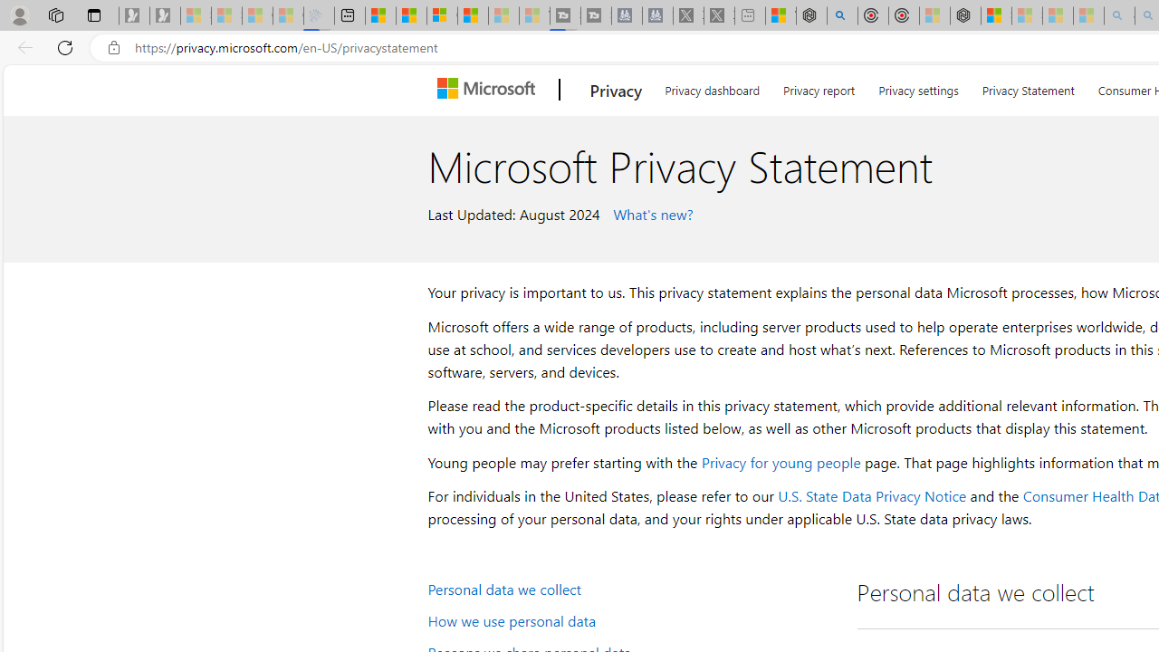 The image size is (1159, 652). What do you see at coordinates (818, 87) in the screenshot?
I see `'Privacy report'` at bounding box center [818, 87].